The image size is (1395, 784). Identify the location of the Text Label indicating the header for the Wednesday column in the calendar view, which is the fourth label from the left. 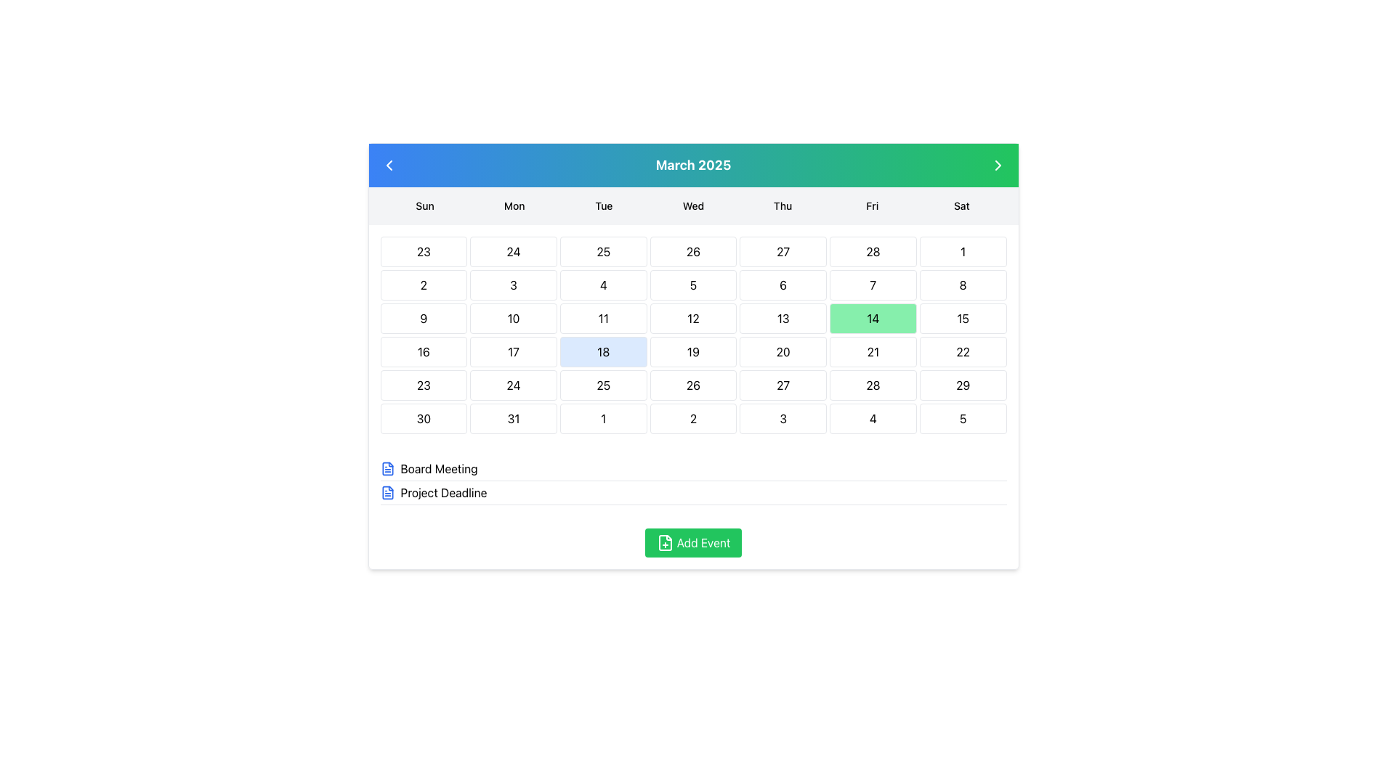
(692, 206).